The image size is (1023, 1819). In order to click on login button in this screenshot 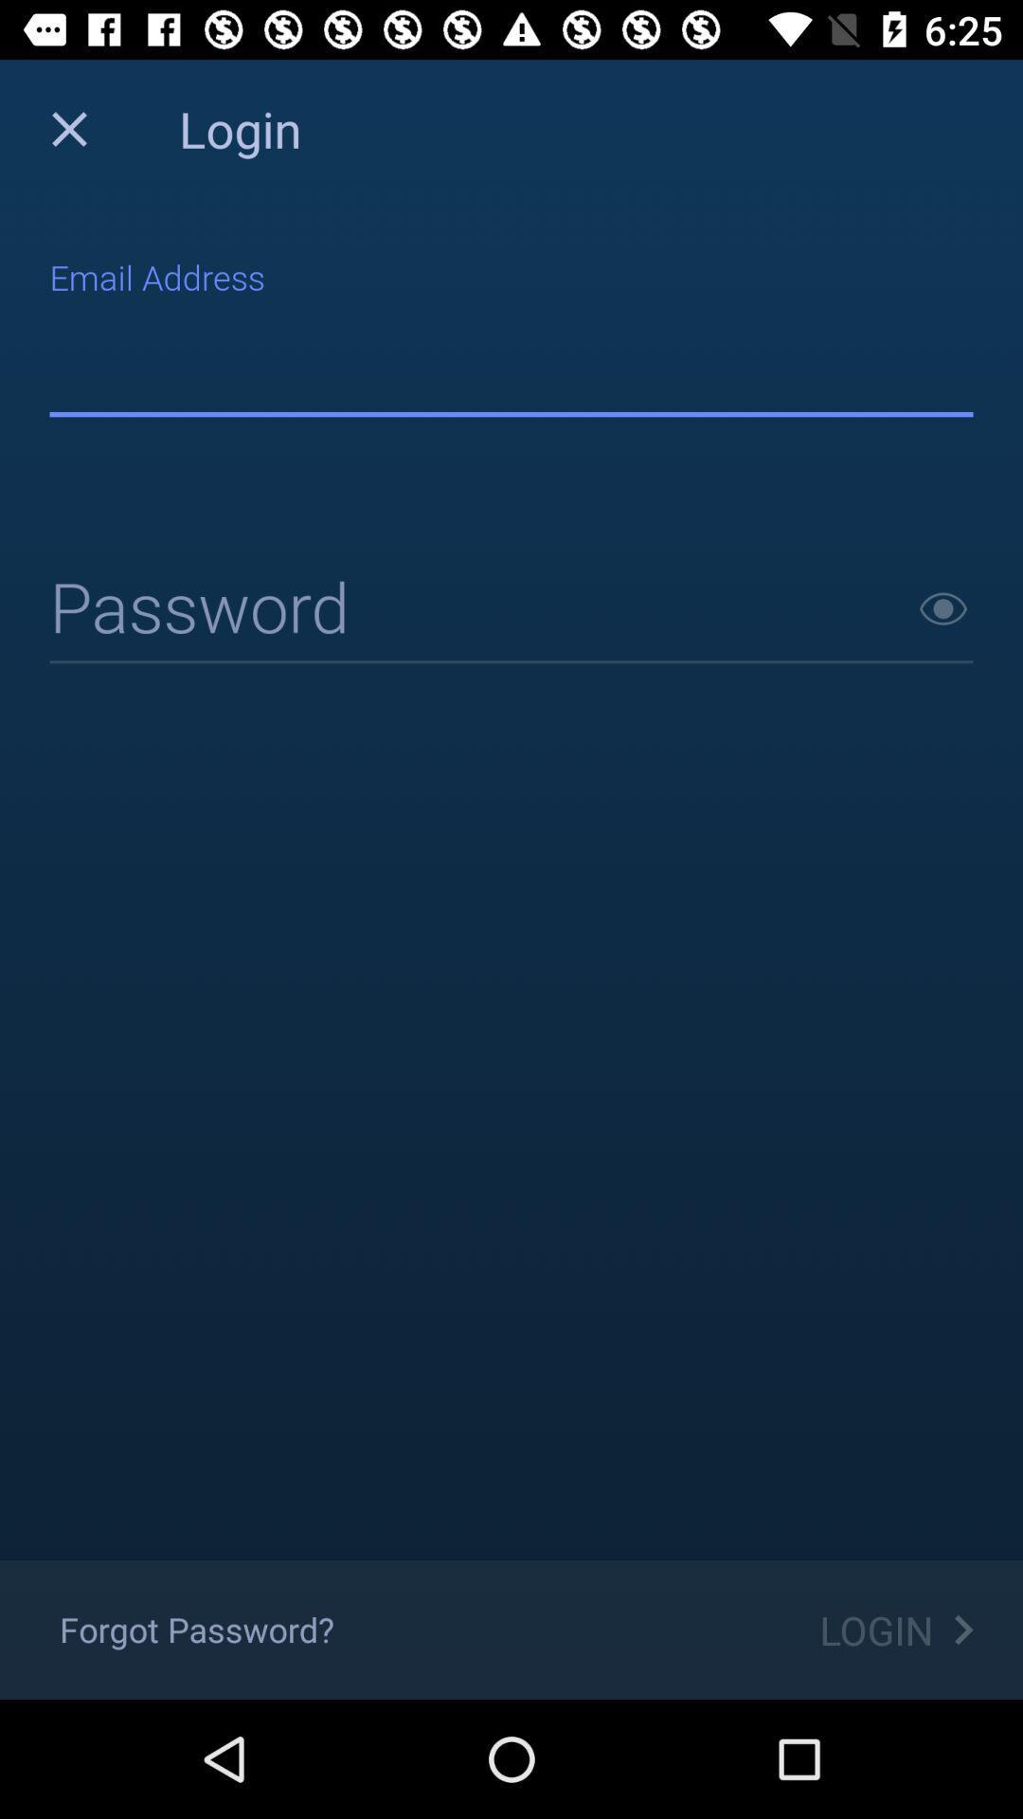, I will do `click(511, 610)`.